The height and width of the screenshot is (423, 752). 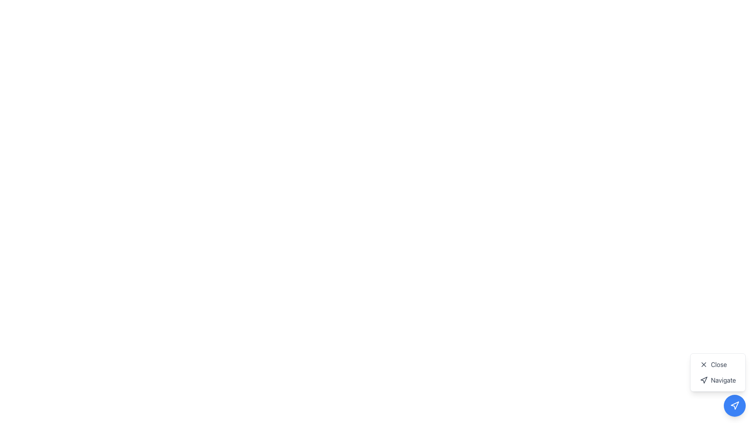 What do you see at coordinates (704, 380) in the screenshot?
I see `the navigation arrow icon located to the left of the 'Navigate' text within the lower-right region of the interface` at bounding box center [704, 380].